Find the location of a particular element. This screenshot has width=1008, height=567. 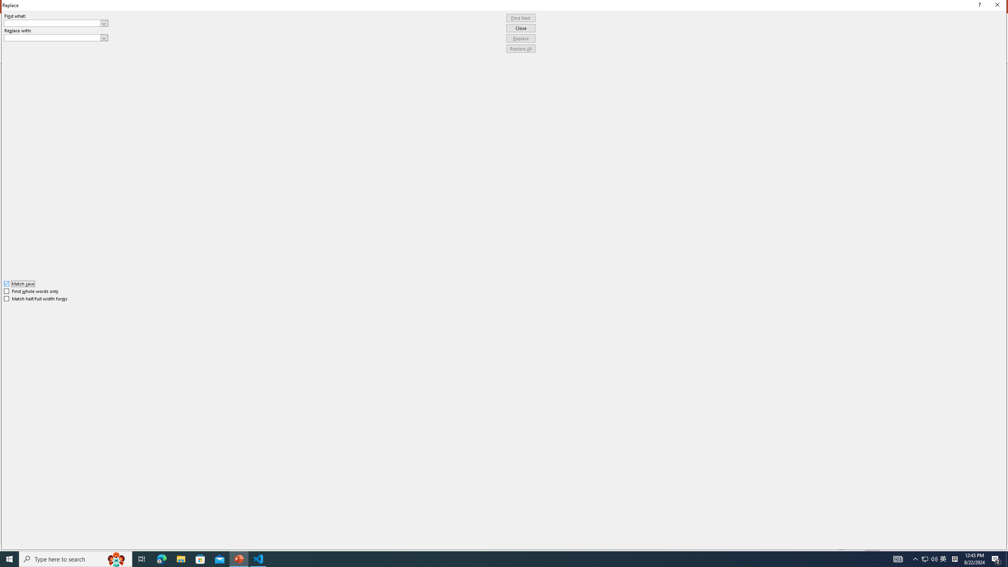

'Match half/full width forms' is located at coordinates (36, 298).